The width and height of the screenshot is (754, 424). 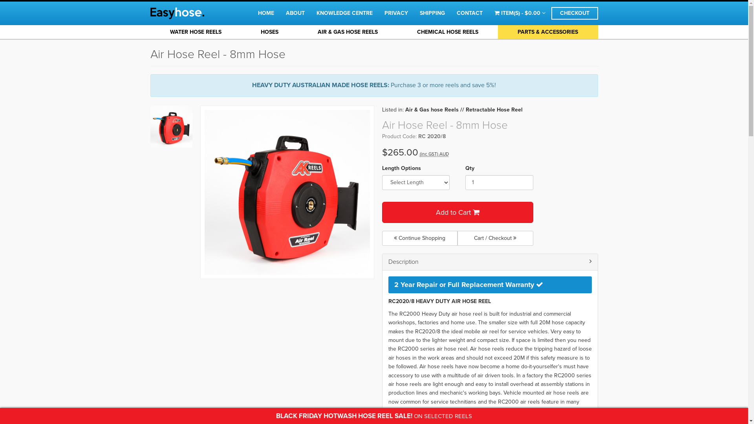 What do you see at coordinates (495, 238) in the screenshot?
I see `'Cart / Checkout'` at bounding box center [495, 238].